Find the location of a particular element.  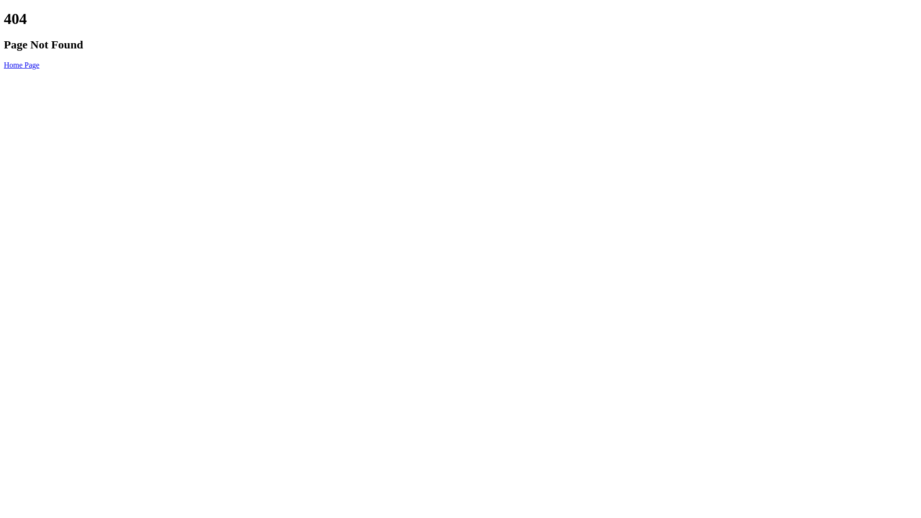

'Home Page' is located at coordinates (4, 65).